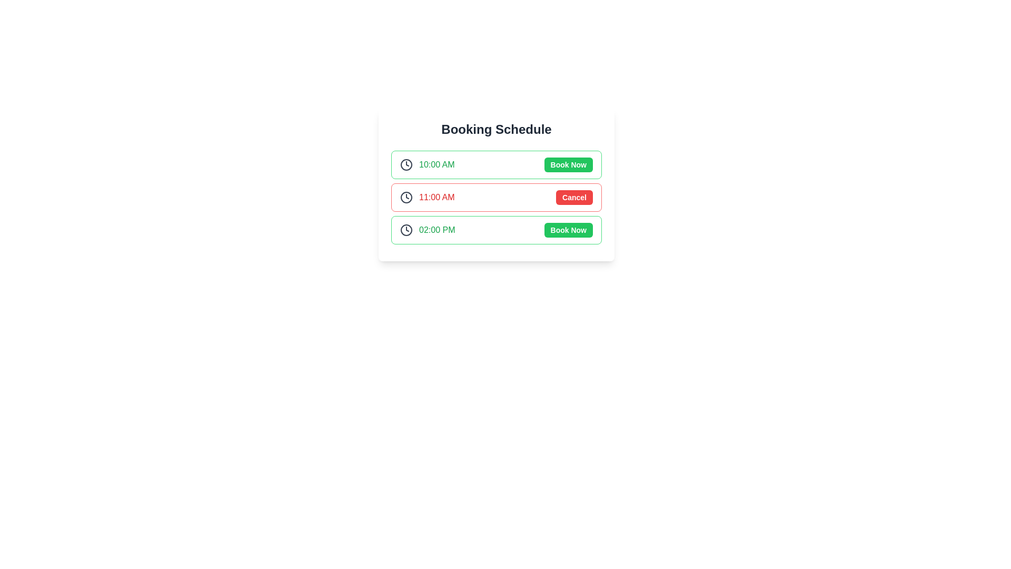  Describe the element at coordinates (406, 197) in the screenshot. I see `the icon representing the 11:00 AM time slot in the booking schedule, which is located in the second row and adjacent to the red text displaying '11:00 AM'` at that location.